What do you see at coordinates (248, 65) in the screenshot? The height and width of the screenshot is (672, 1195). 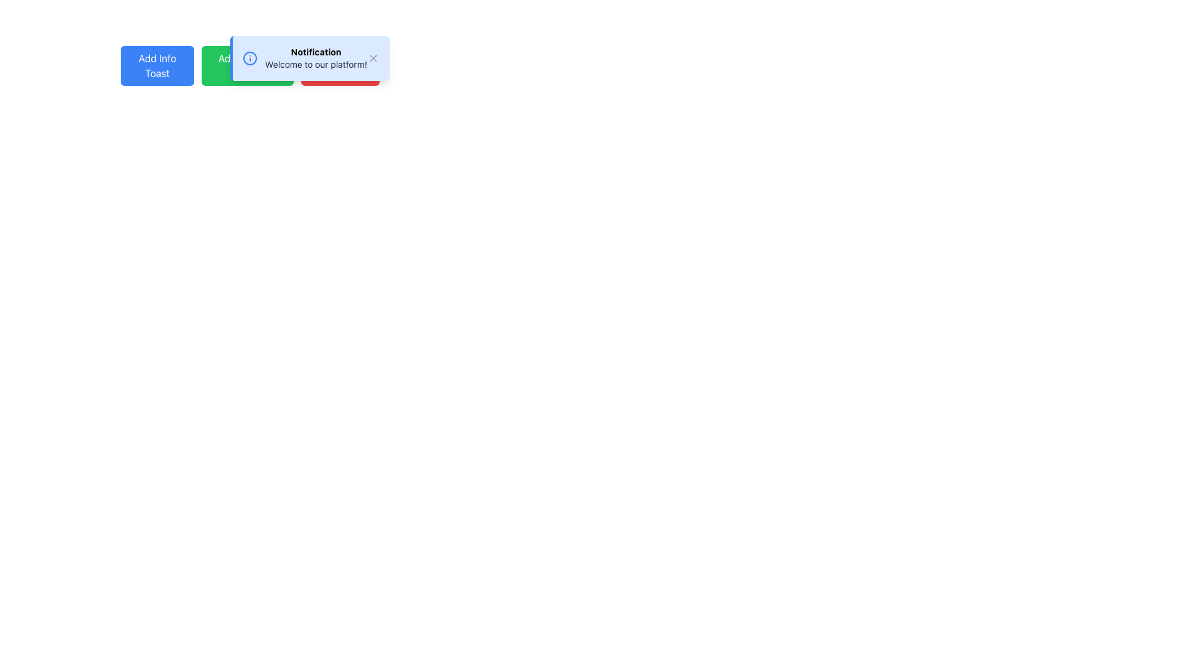 I see `the second button in a horizontal row of three buttons` at bounding box center [248, 65].